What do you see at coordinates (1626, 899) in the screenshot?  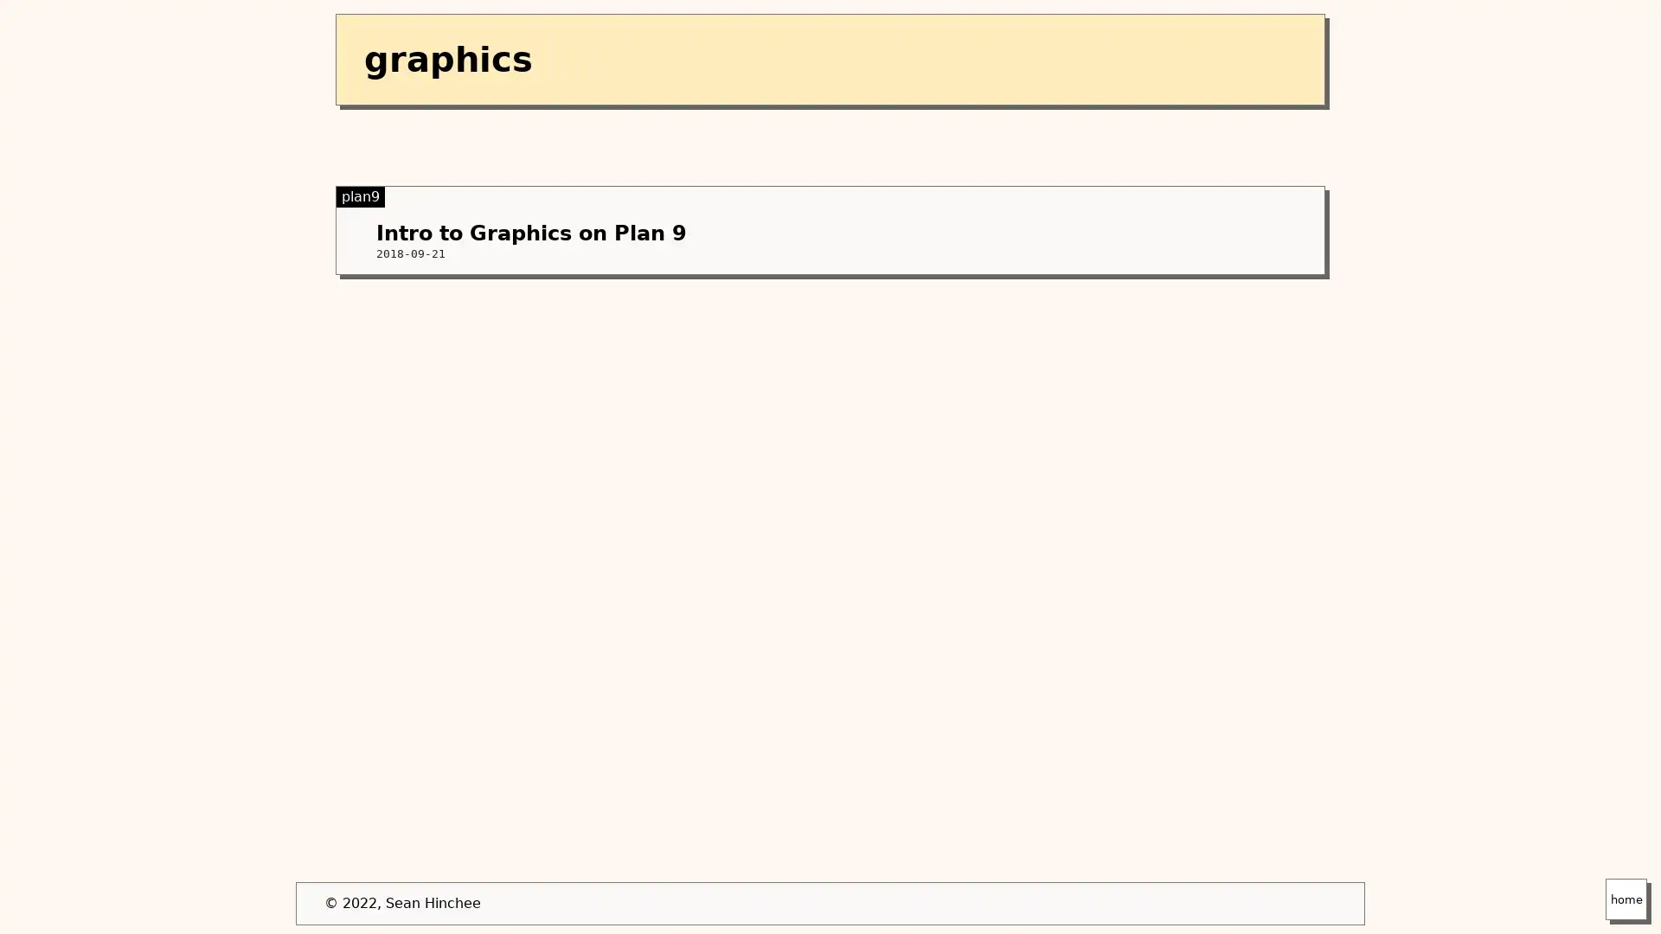 I see `home` at bounding box center [1626, 899].